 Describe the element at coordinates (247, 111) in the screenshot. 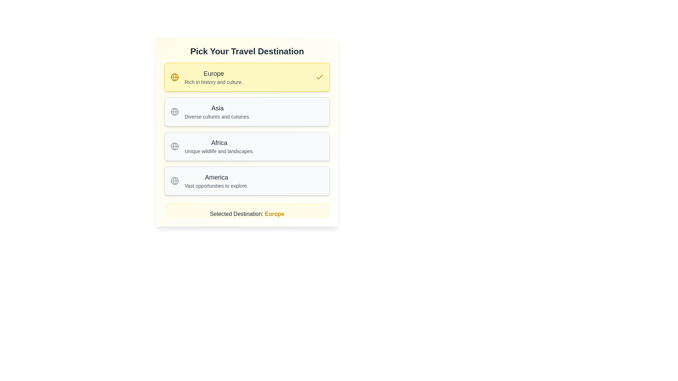

I see `the 'Asia' button, which is a rectangular button with rounded corners and a globe icon` at that location.